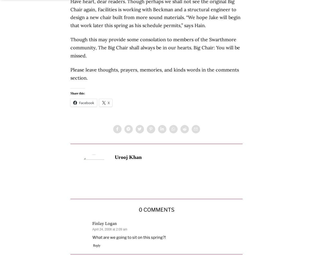 Image resolution: width=313 pixels, height=256 pixels. I want to click on 'What are we going to sit on this spring?!', so click(129, 237).